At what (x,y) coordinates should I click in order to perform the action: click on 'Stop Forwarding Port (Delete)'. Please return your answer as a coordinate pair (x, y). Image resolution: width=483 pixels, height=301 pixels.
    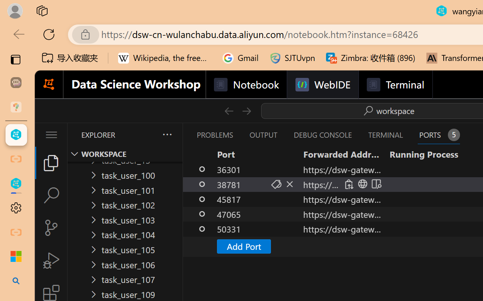
    Looking at the image, I should click on (289, 184).